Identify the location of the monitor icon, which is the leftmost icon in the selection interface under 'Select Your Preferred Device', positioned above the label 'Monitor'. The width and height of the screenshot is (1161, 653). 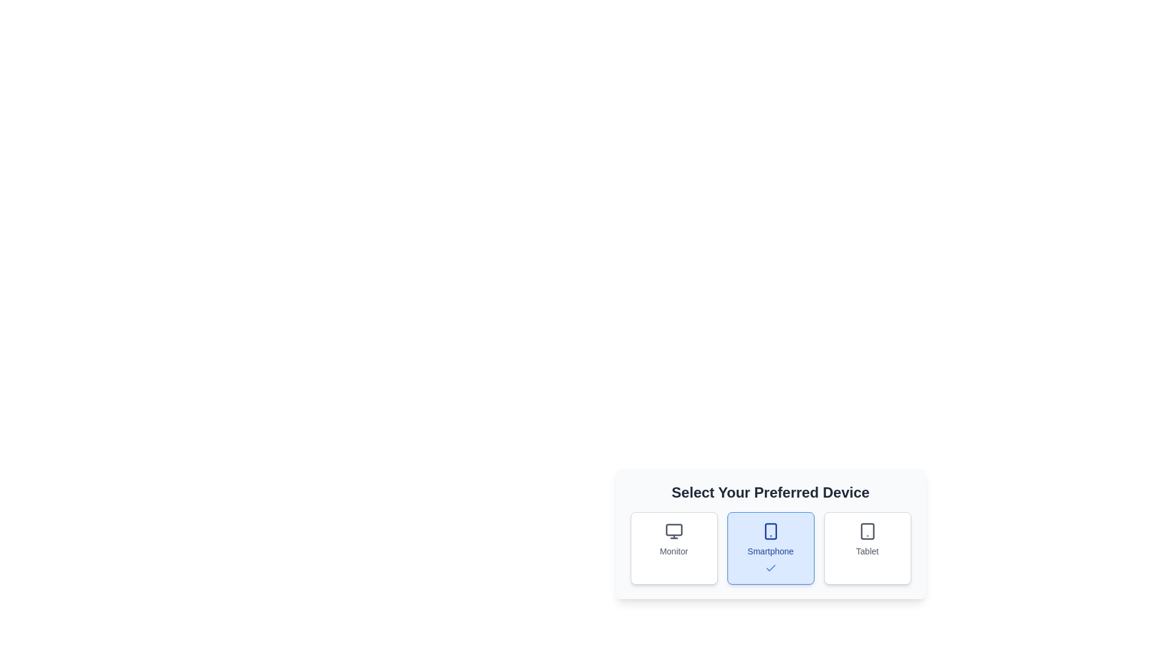
(673, 531).